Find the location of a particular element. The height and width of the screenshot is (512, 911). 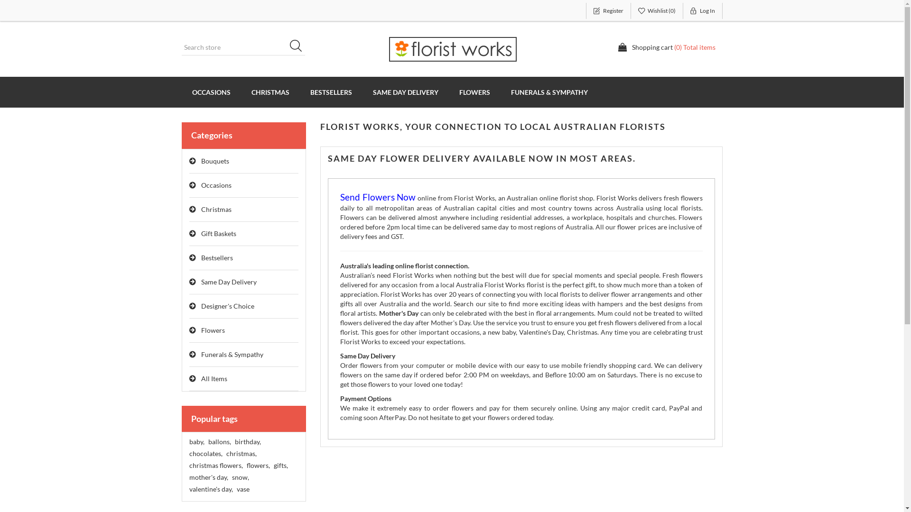

'baby,' is located at coordinates (189, 442).